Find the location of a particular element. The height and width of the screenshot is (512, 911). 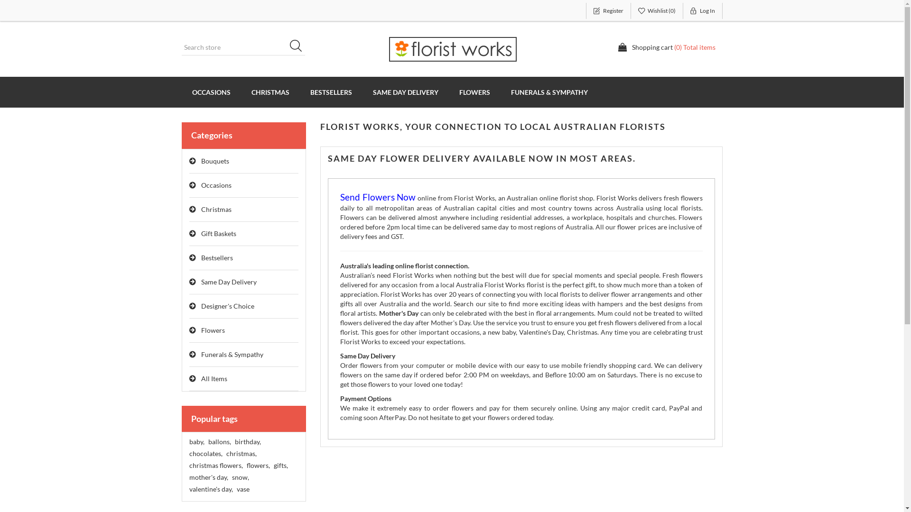

'baby,' is located at coordinates (189, 442).